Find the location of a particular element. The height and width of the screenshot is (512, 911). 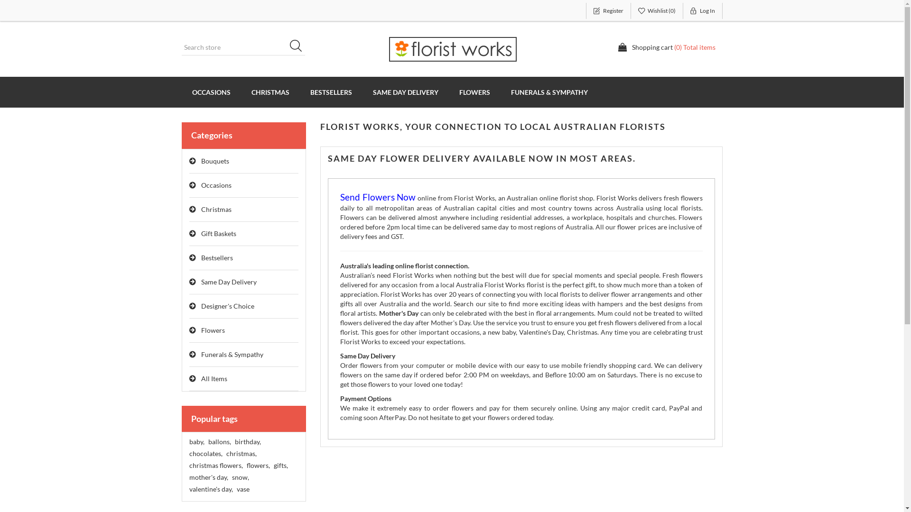

'baby,' is located at coordinates (189, 442).